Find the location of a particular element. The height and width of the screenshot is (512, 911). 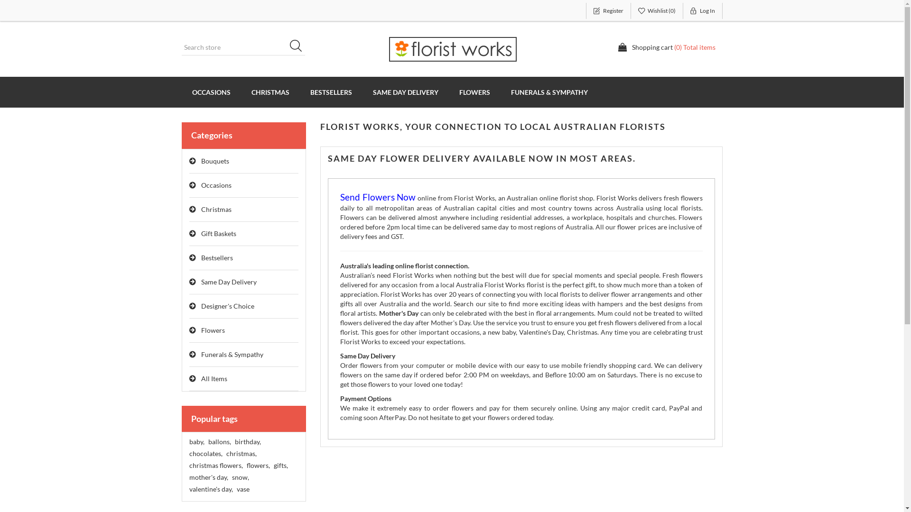

'baby,' is located at coordinates (189, 442).